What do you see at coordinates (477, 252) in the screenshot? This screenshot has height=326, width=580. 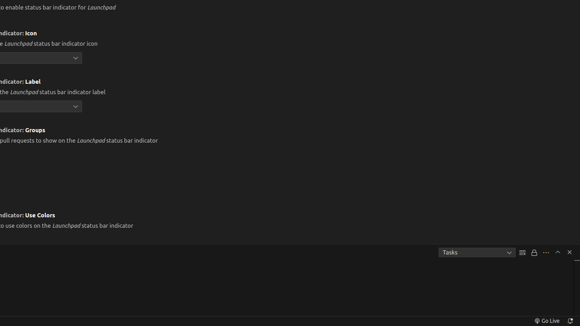 I see `'Tasks'` at bounding box center [477, 252].